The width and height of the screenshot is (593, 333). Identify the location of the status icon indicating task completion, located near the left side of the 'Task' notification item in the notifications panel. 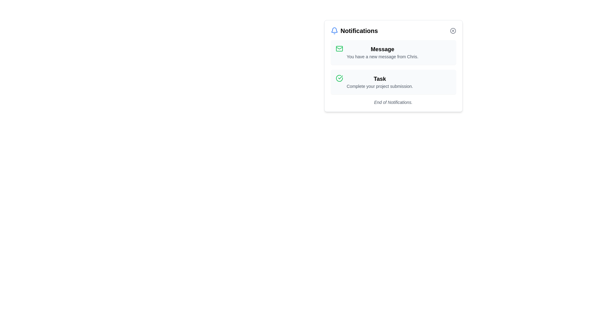
(339, 78).